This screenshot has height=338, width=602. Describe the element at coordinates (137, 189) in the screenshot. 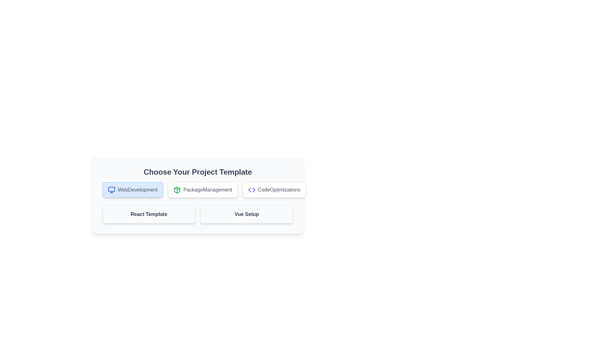

I see `the text label that provides context for the associated button related to 'WebDevelopment', which is located to the right of a computer monitor icon and is the first button from the left in the project template chooser interface` at that location.